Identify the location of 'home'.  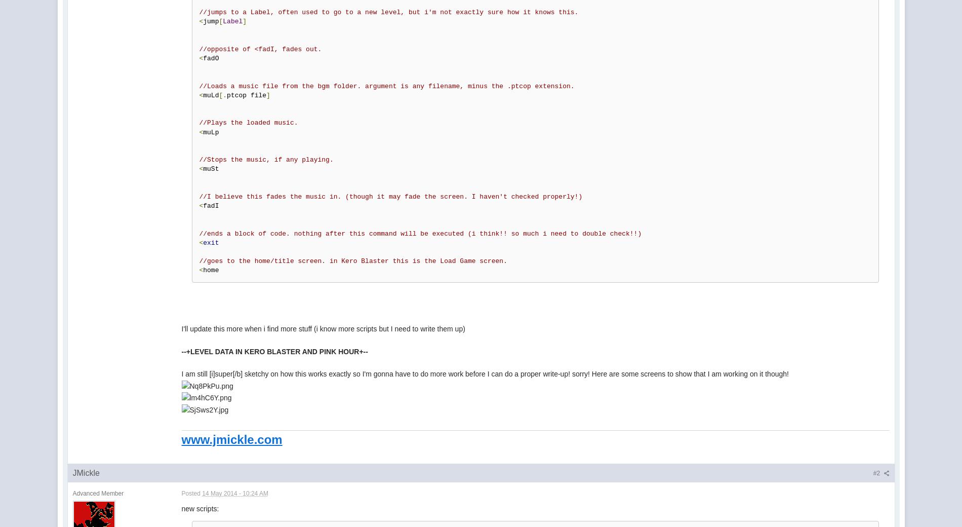
(212, 270).